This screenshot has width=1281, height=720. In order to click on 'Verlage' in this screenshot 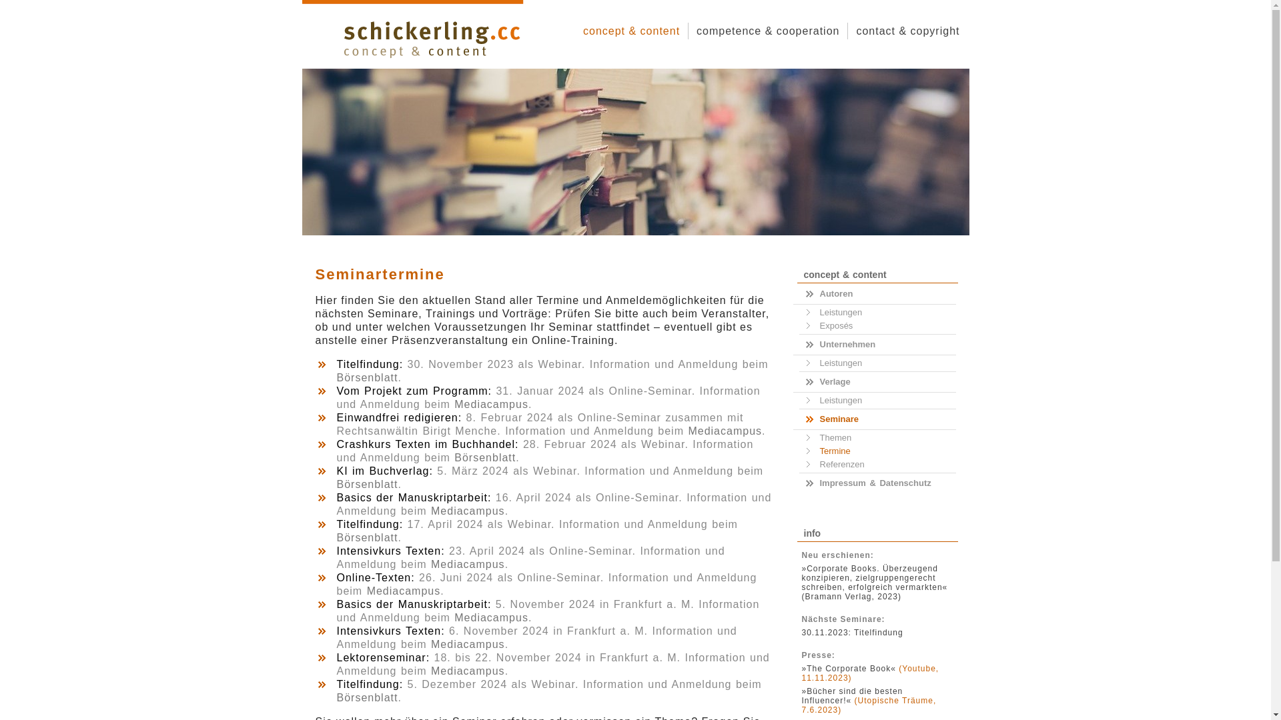, I will do `click(799, 382)`.